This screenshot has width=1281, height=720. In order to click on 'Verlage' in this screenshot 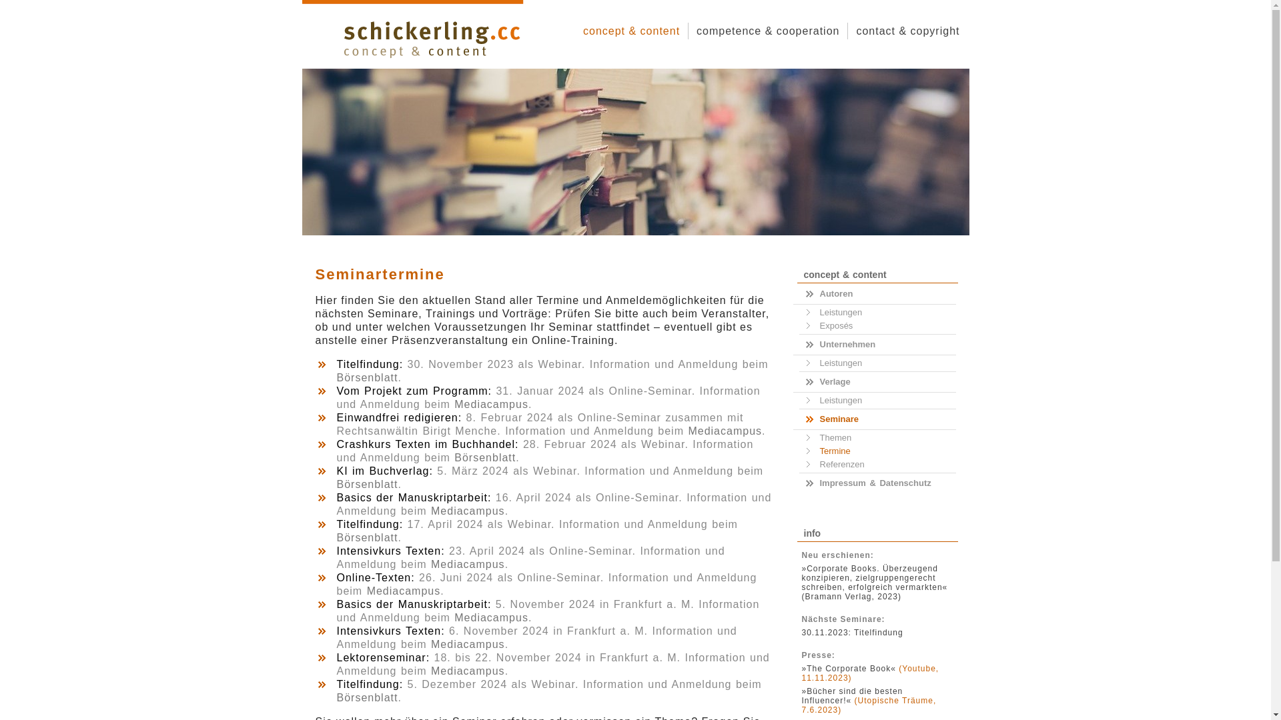, I will do `click(799, 382)`.